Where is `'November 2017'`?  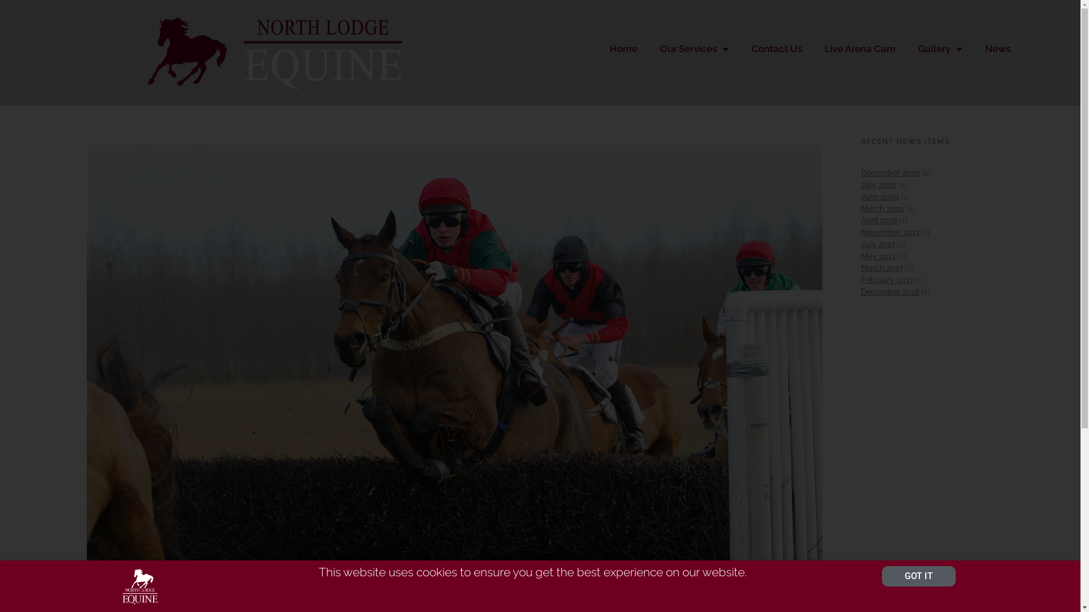
'November 2017' is located at coordinates (889, 231).